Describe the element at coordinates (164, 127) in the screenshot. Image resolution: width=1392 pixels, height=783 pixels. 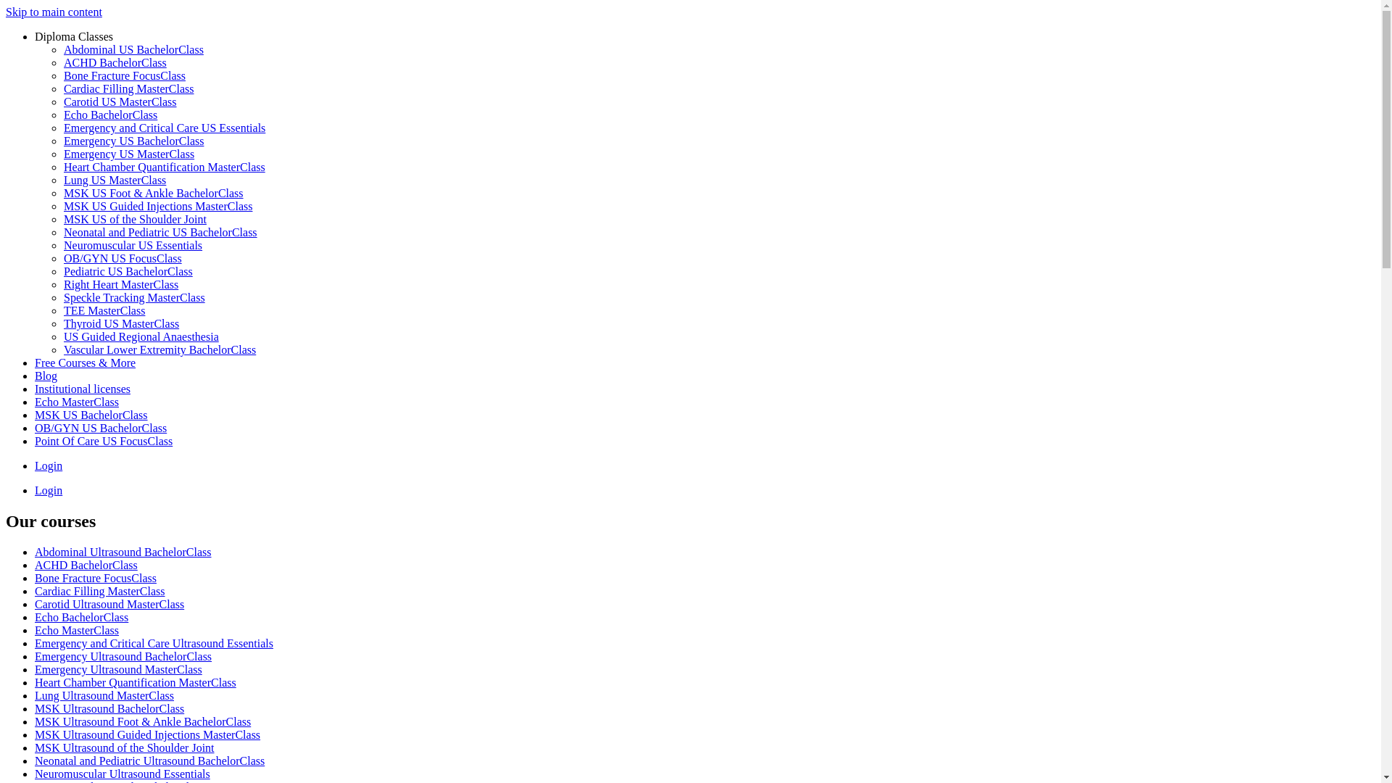
I see `'Emergency and Critical Care US Essentials'` at that location.